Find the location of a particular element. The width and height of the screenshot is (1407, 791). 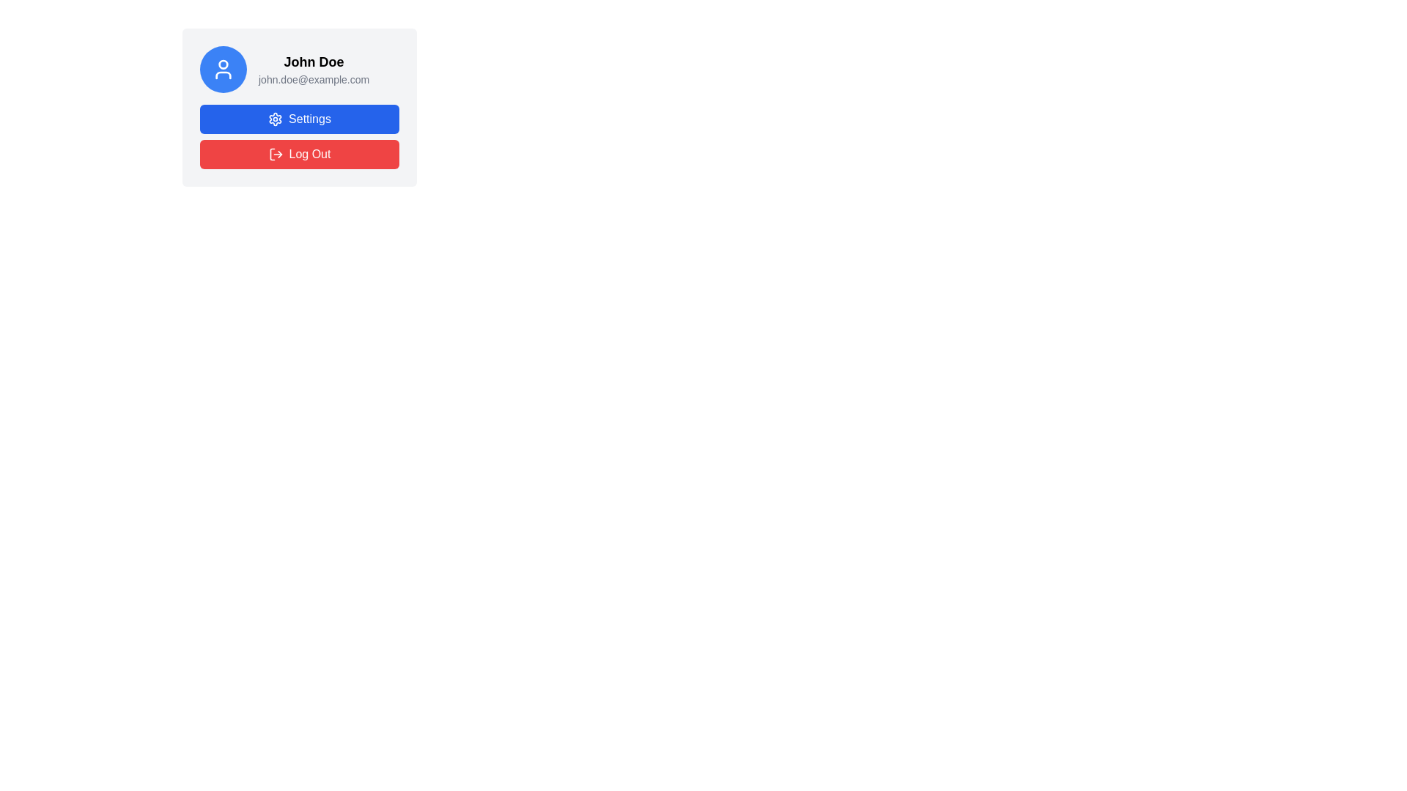

the blue 'Settings' button with a gear icon is located at coordinates (298, 118).